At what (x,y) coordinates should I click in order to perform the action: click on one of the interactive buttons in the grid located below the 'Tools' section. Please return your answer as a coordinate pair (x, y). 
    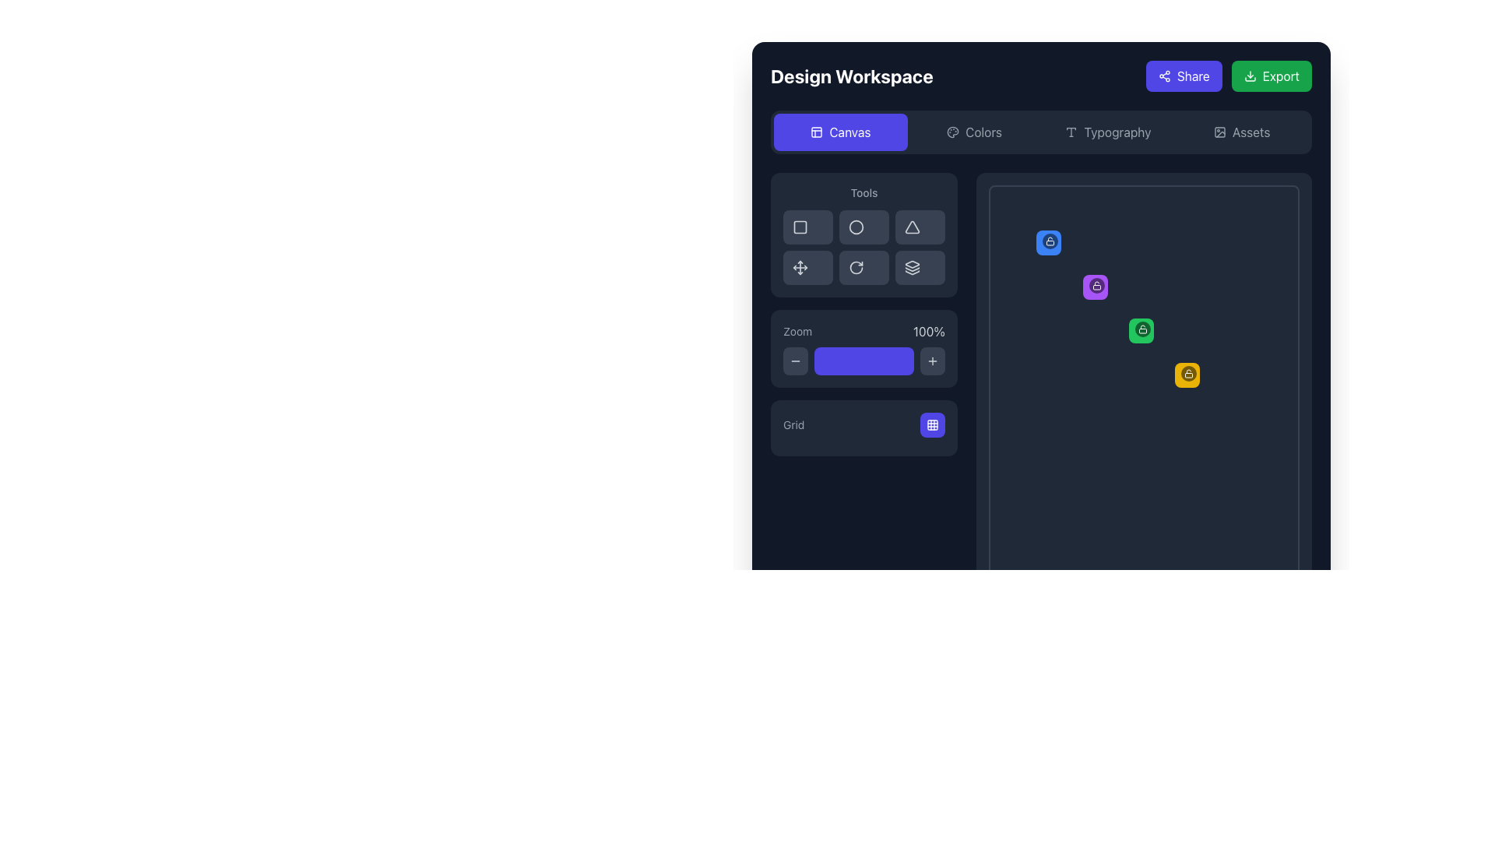
    Looking at the image, I should click on (863, 246).